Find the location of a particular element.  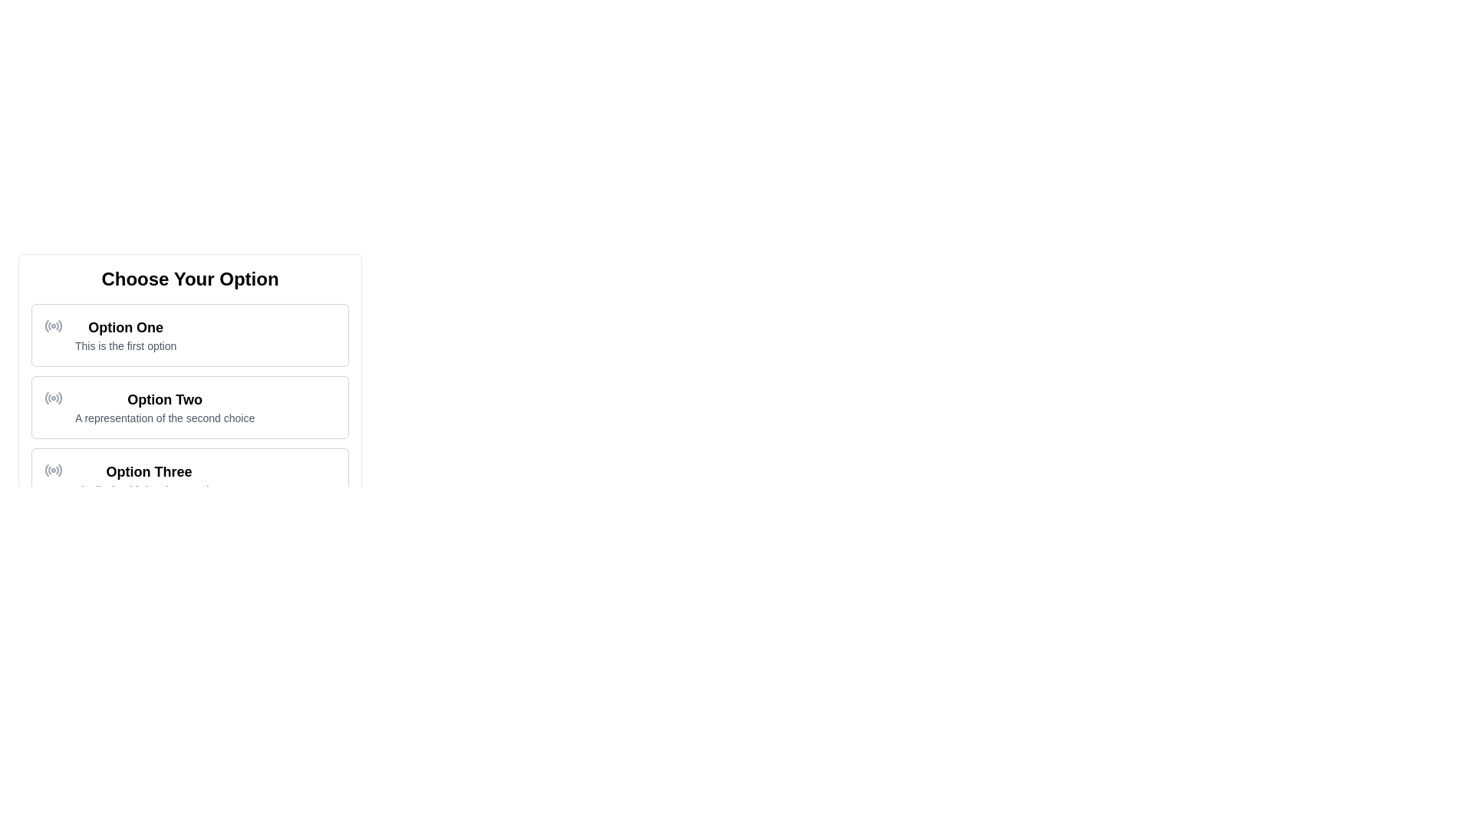

the first decorative vector graphic line segment of the radio button's outer ring, located under the text 'Option Three' is located at coordinates (47, 470).